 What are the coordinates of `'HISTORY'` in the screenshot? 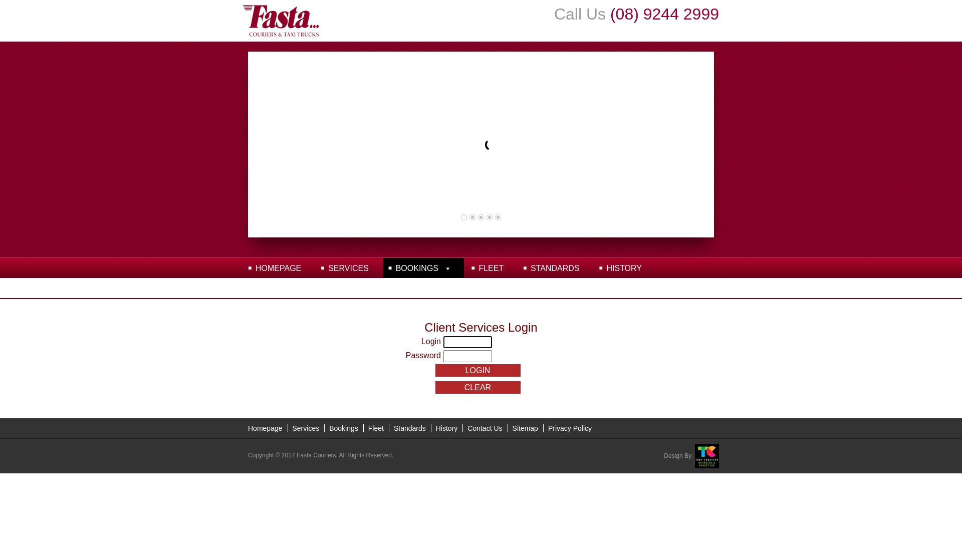 It's located at (623, 267).